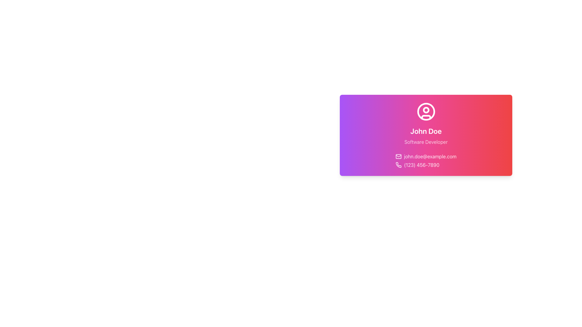 The image size is (582, 327). I want to click on the Contact Information Block element that displays an email address and a phone number, located at the bottom section of the card component, so click(426, 160).